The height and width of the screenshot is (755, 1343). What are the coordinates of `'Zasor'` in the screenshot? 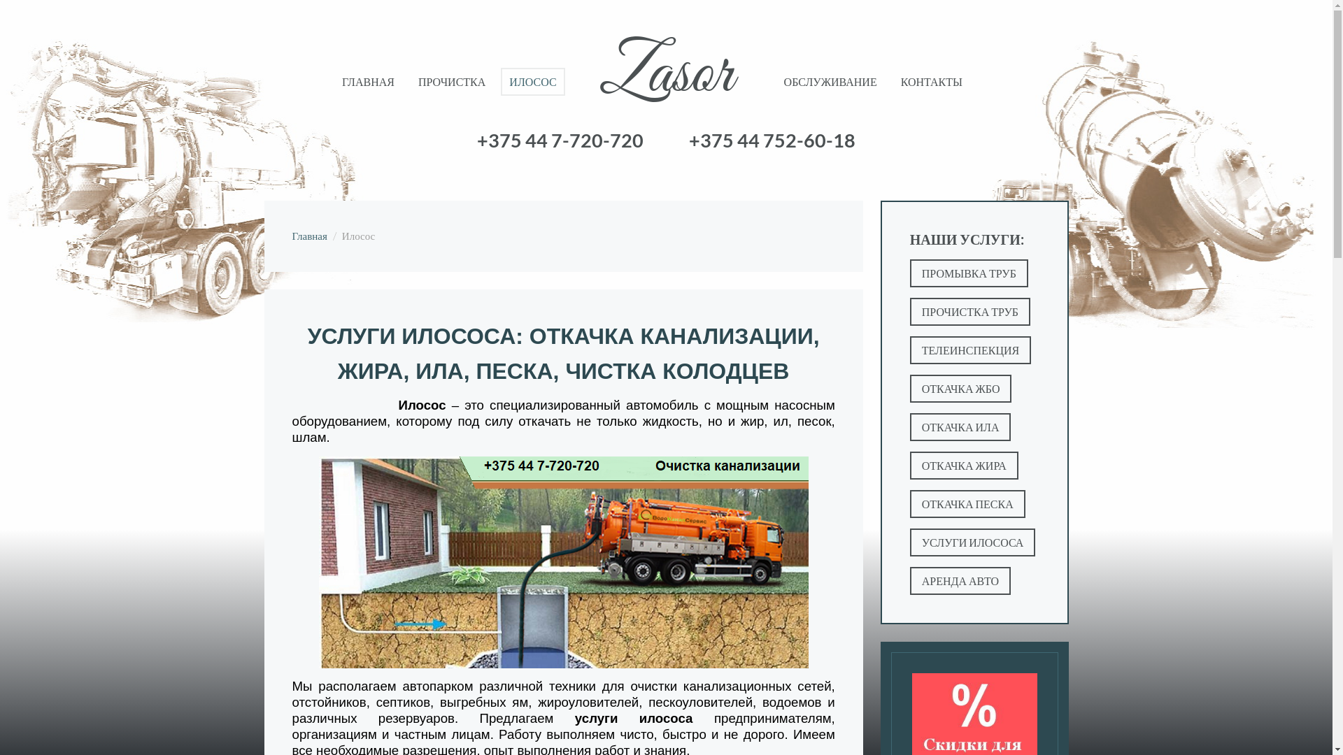 It's located at (665, 83).